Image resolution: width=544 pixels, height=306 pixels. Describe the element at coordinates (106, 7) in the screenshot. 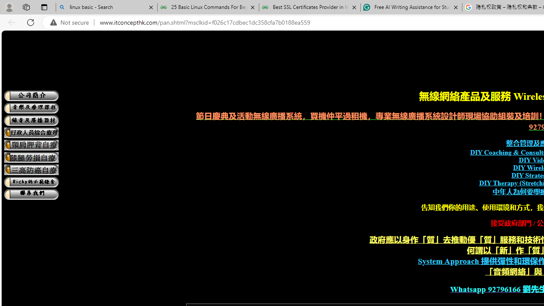

I see `'linux basic - Search'` at that location.